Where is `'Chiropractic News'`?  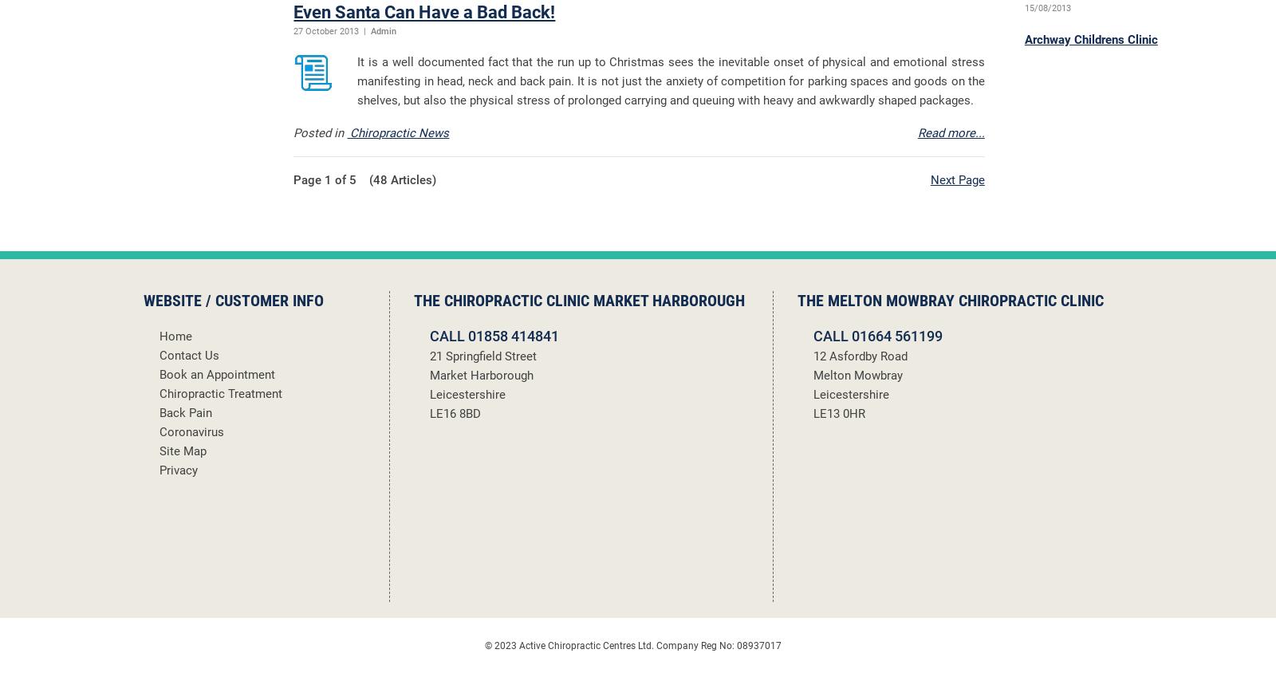 'Chiropractic News' is located at coordinates (397, 132).